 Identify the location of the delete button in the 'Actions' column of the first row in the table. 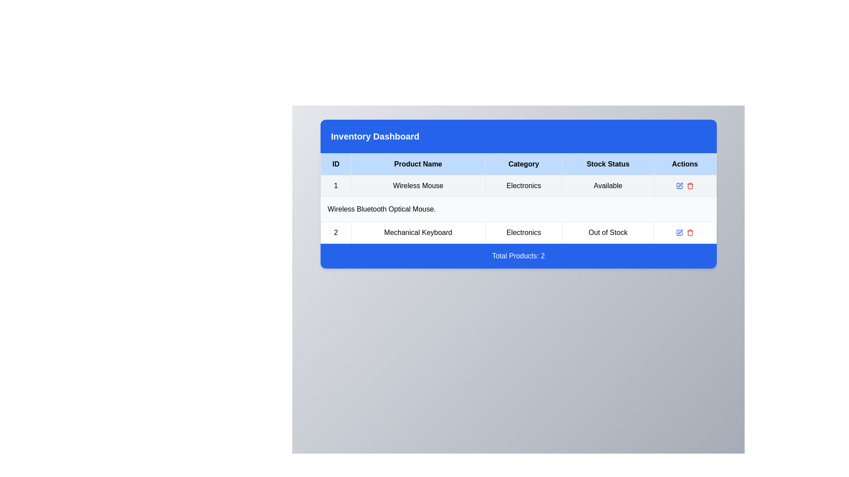
(690, 185).